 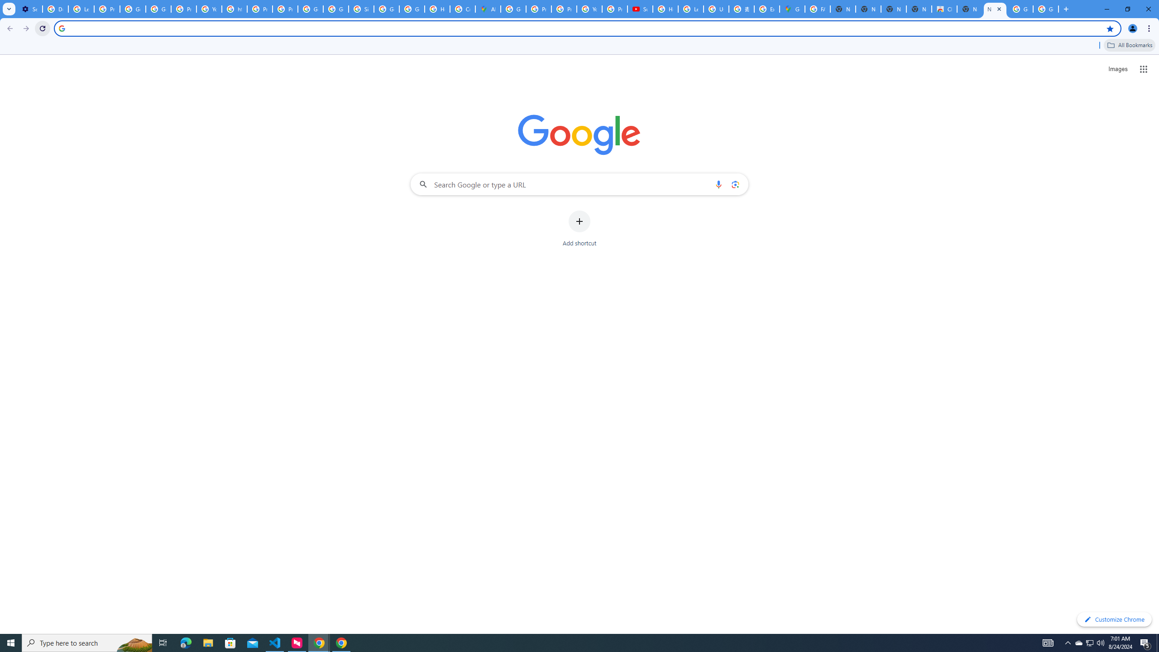 What do you see at coordinates (538, 9) in the screenshot?
I see `'Privacy Help Center - Policies Help'` at bounding box center [538, 9].